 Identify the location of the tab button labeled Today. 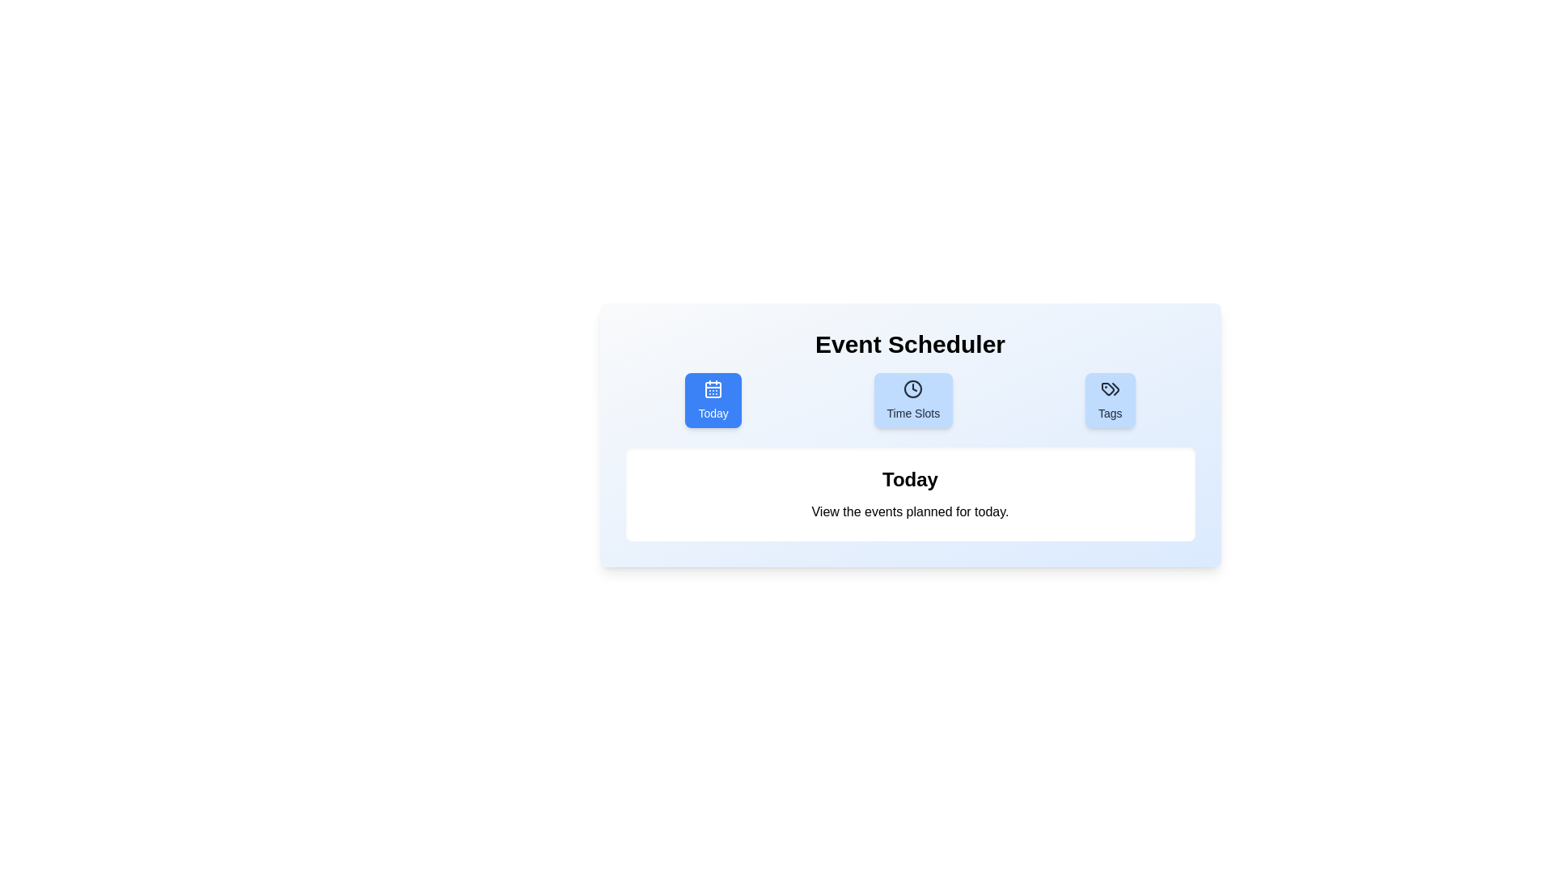
(713, 399).